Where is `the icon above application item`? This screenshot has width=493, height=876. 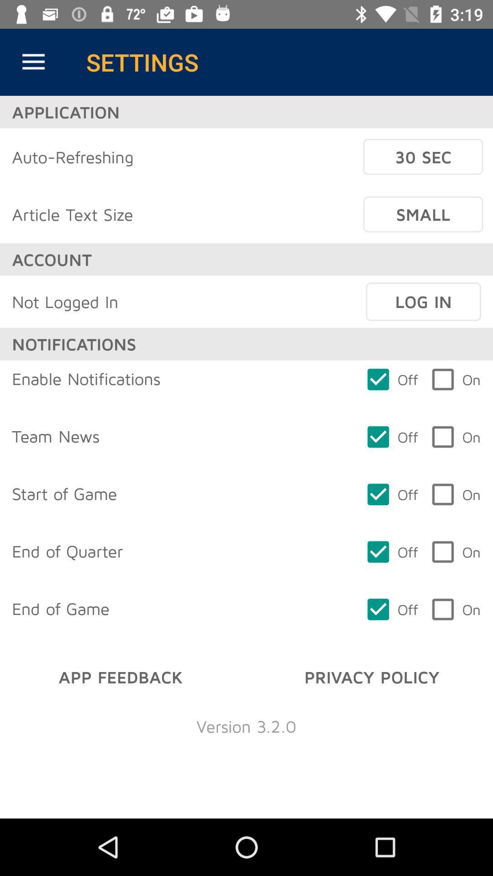
the icon above application item is located at coordinates (33, 62).